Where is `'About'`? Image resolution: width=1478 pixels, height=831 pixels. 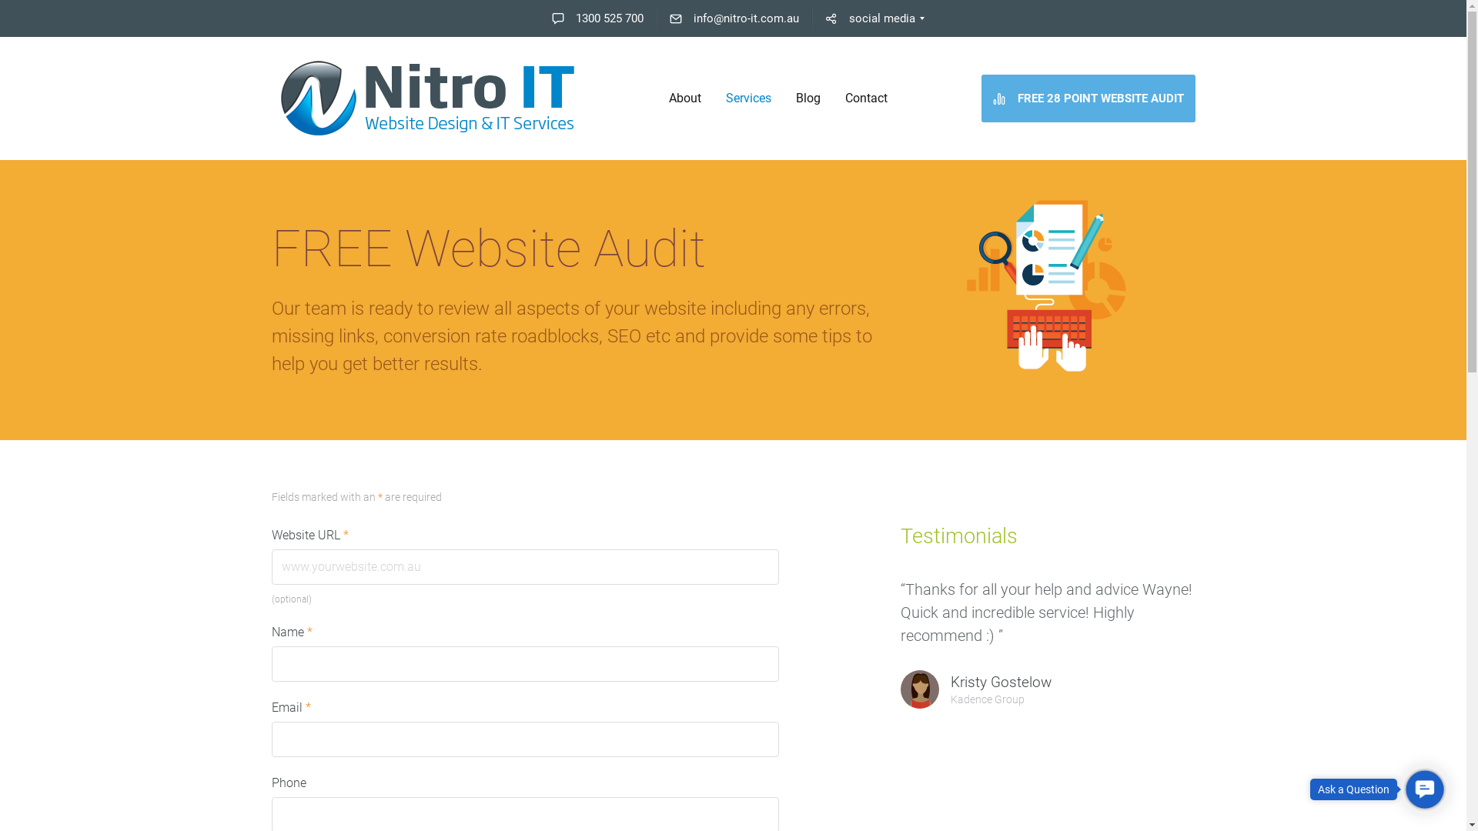
'About' is located at coordinates (657, 98).